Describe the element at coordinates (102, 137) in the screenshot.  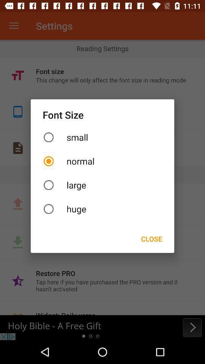
I see `small icon` at that location.